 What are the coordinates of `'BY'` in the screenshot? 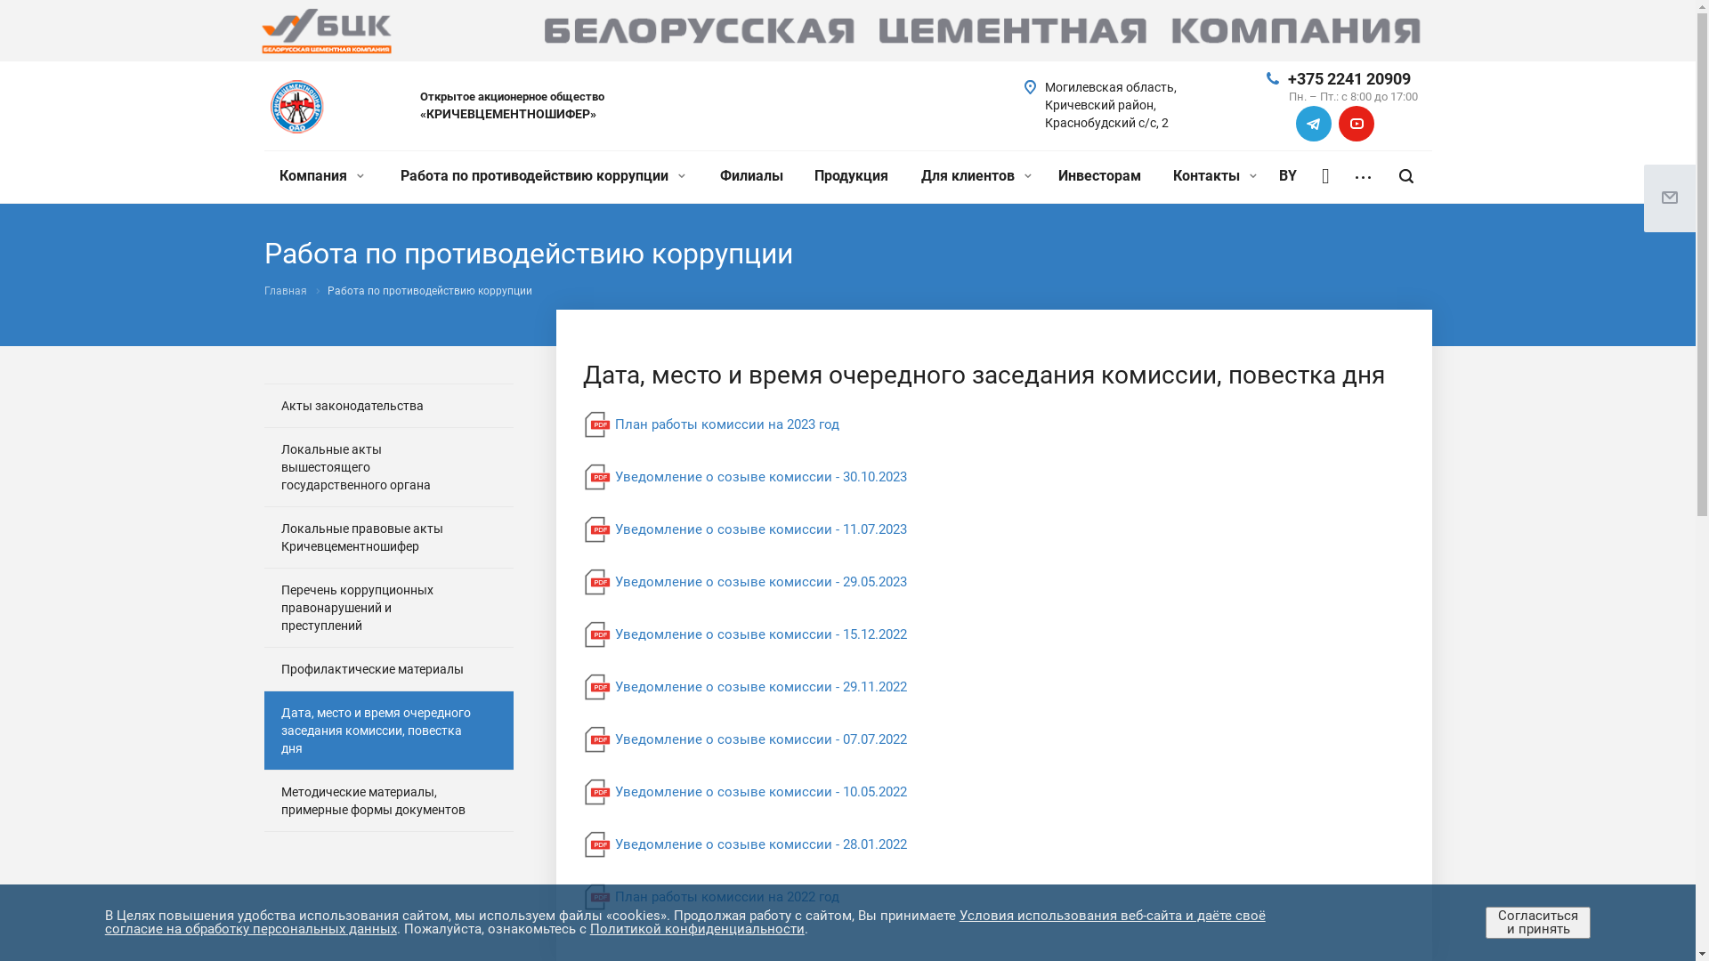 It's located at (1287, 176).